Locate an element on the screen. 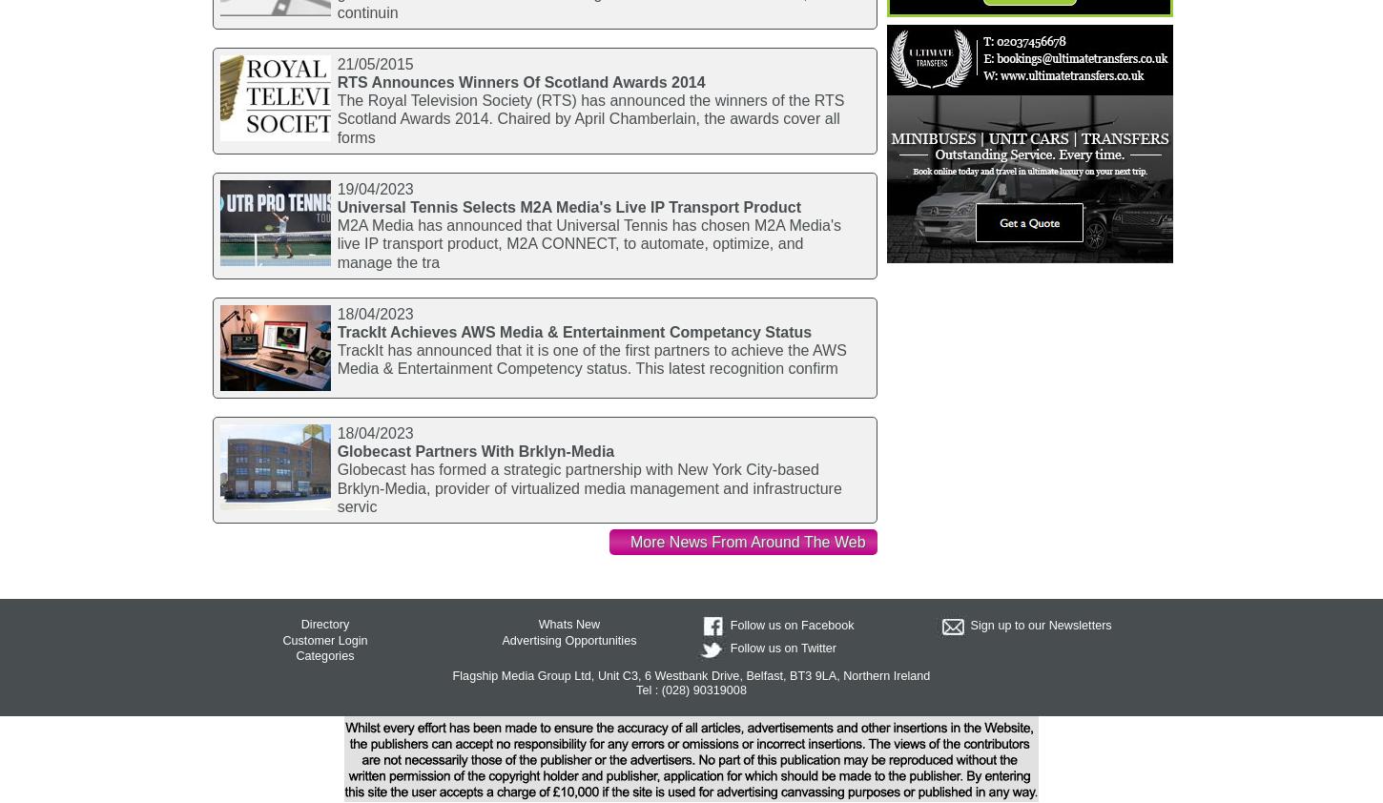 The width and height of the screenshot is (1383, 803). 'Advertising Opportunities' is located at coordinates (568, 639).